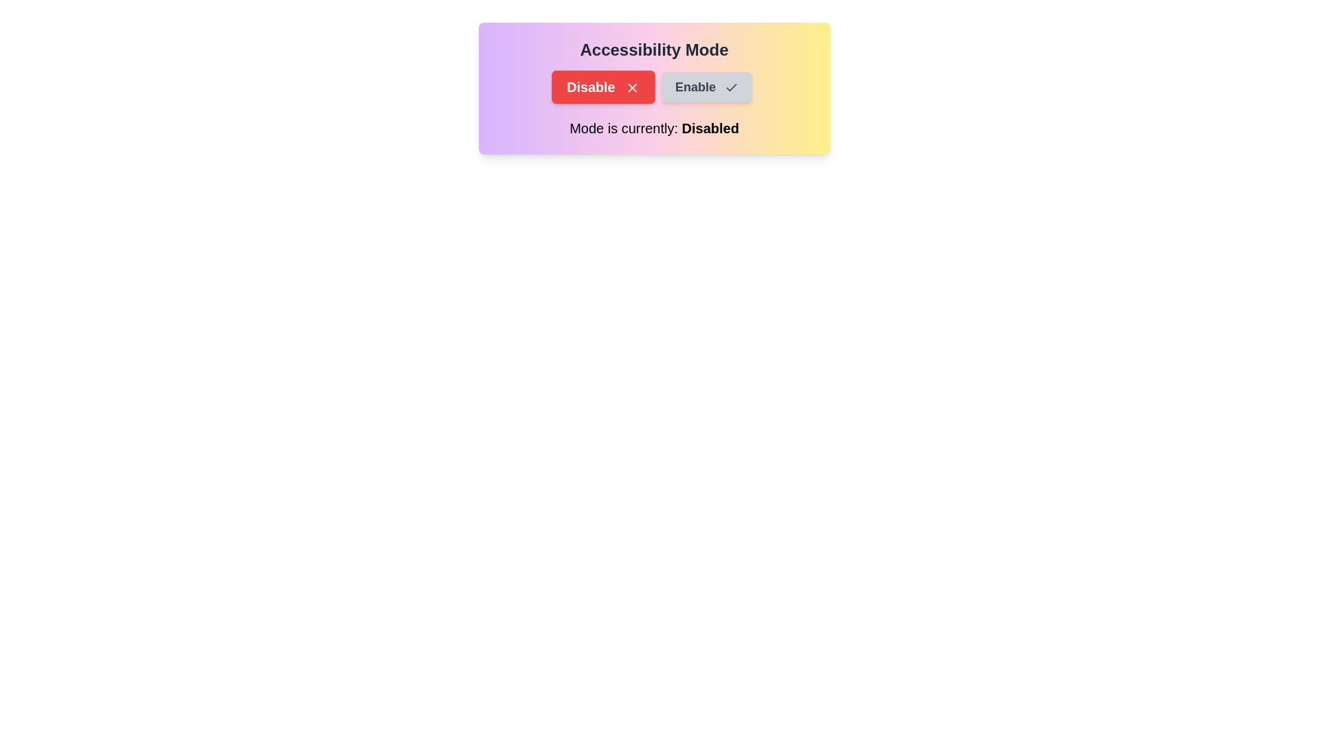  Describe the element at coordinates (706, 87) in the screenshot. I see `the Enable button to observe its hover effect` at that location.